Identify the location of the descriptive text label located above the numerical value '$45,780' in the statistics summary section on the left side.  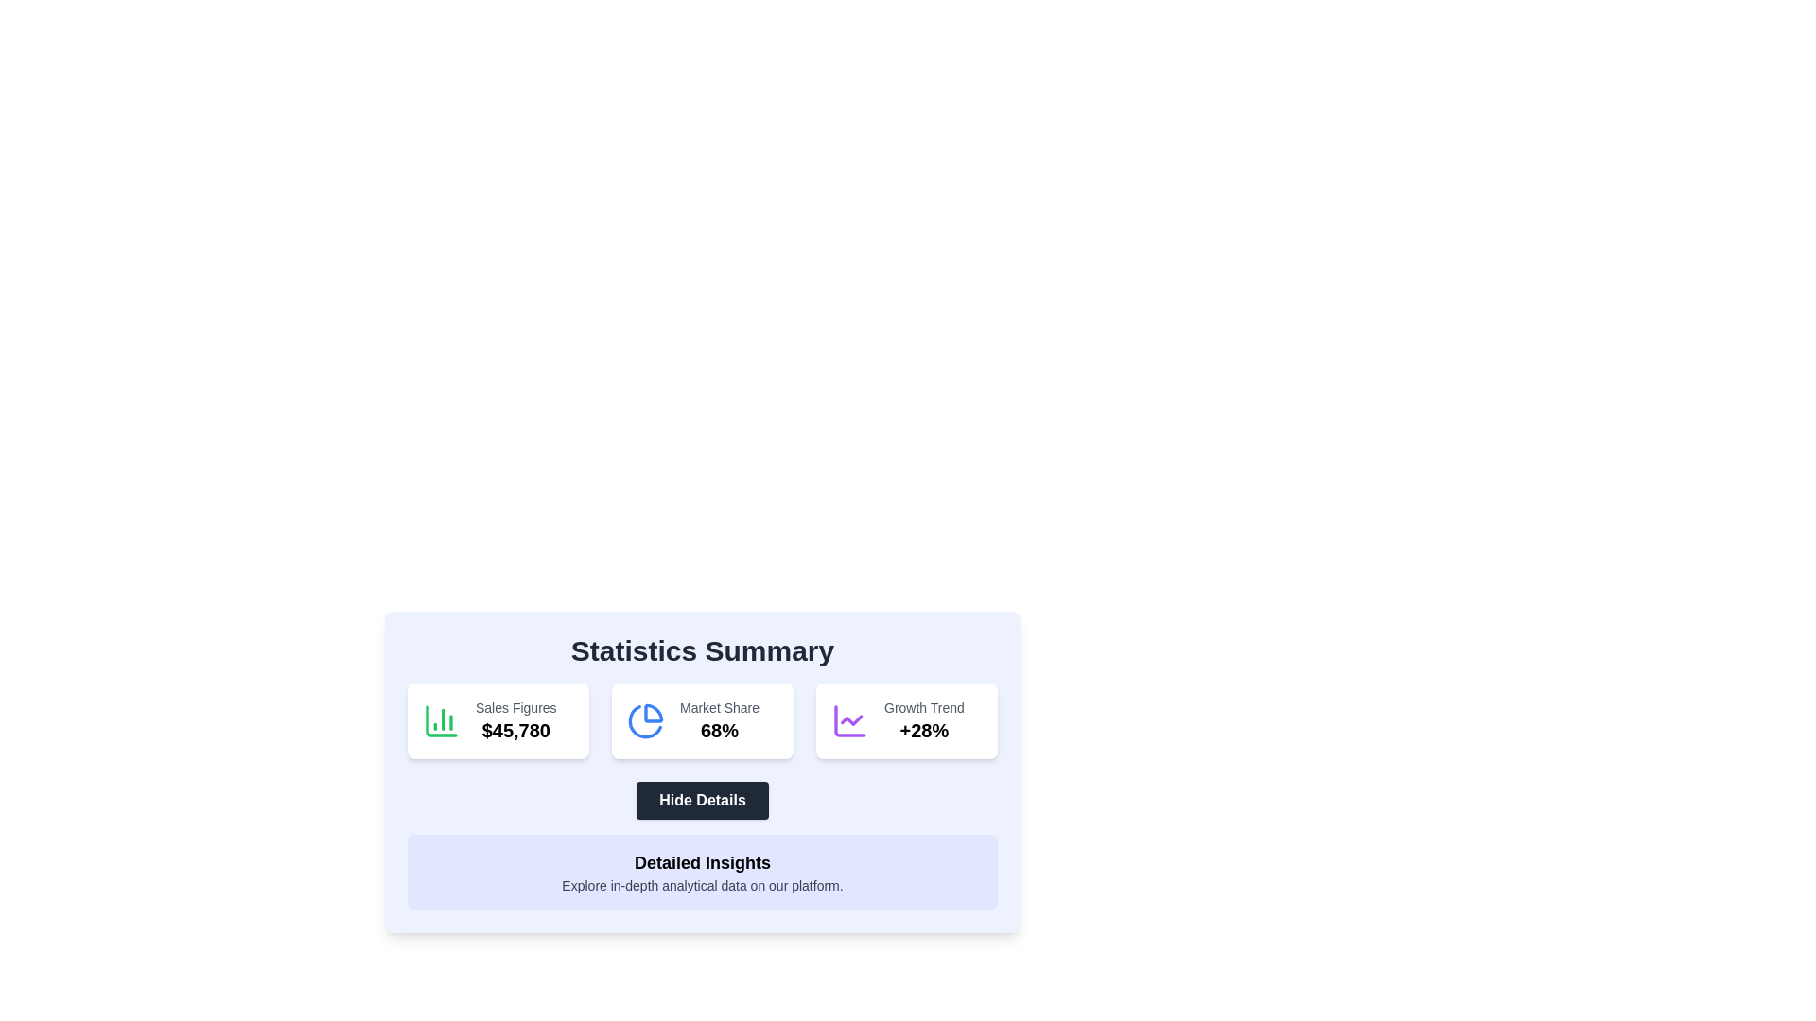
(515, 707).